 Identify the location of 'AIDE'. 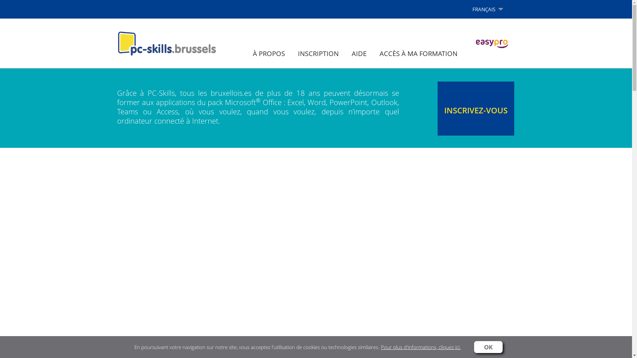
(358, 53).